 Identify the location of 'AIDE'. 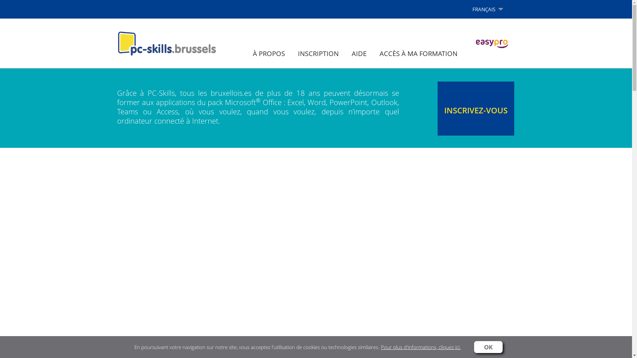
(358, 53).